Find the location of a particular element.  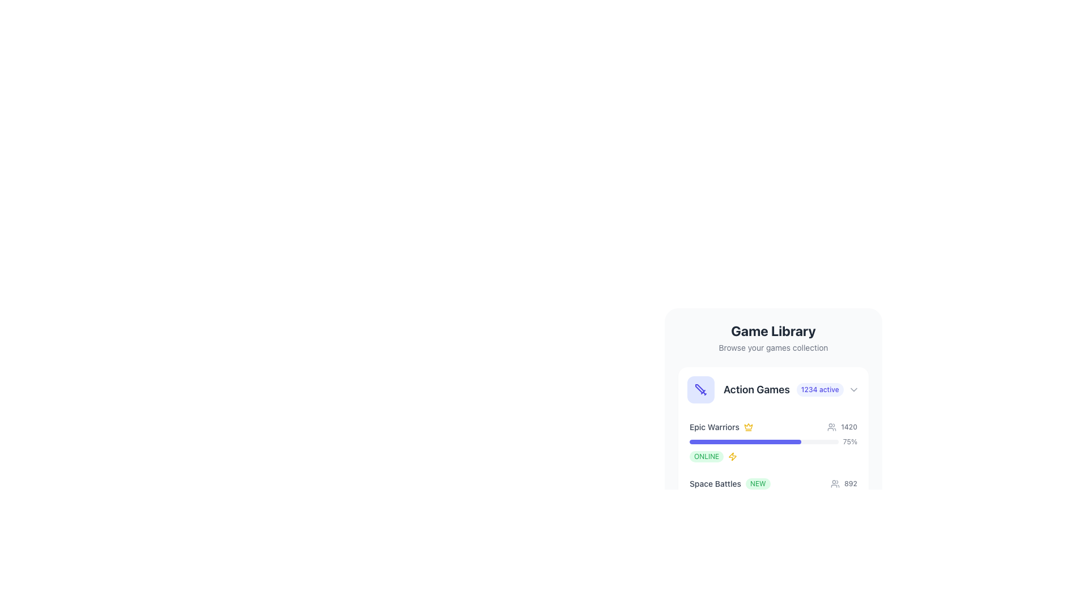

the Progress Bar with Percentage Label for the game 'Epic Warriors' in the Action Games panel is located at coordinates (772, 441).